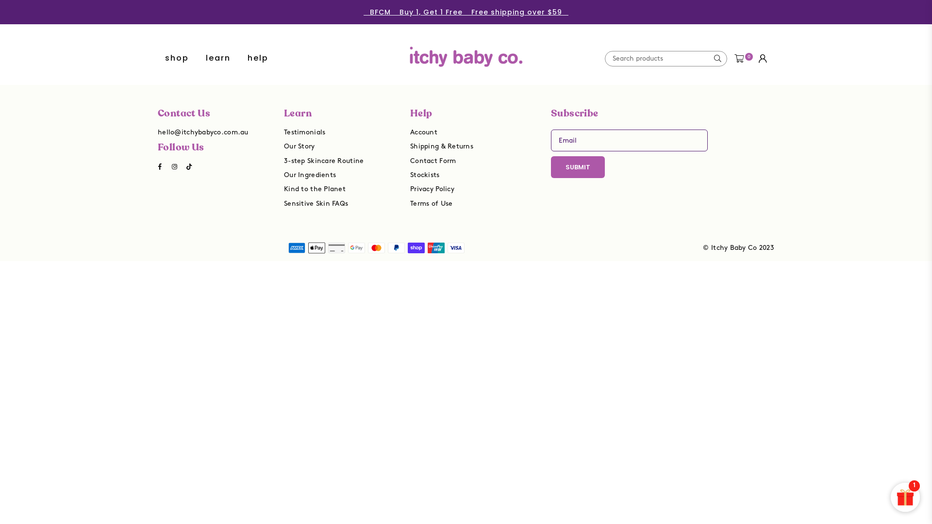 Image resolution: width=932 pixels, height=524 pixels. I want to click on 'hello@itchybabyco.com.au', so click(202, 132).